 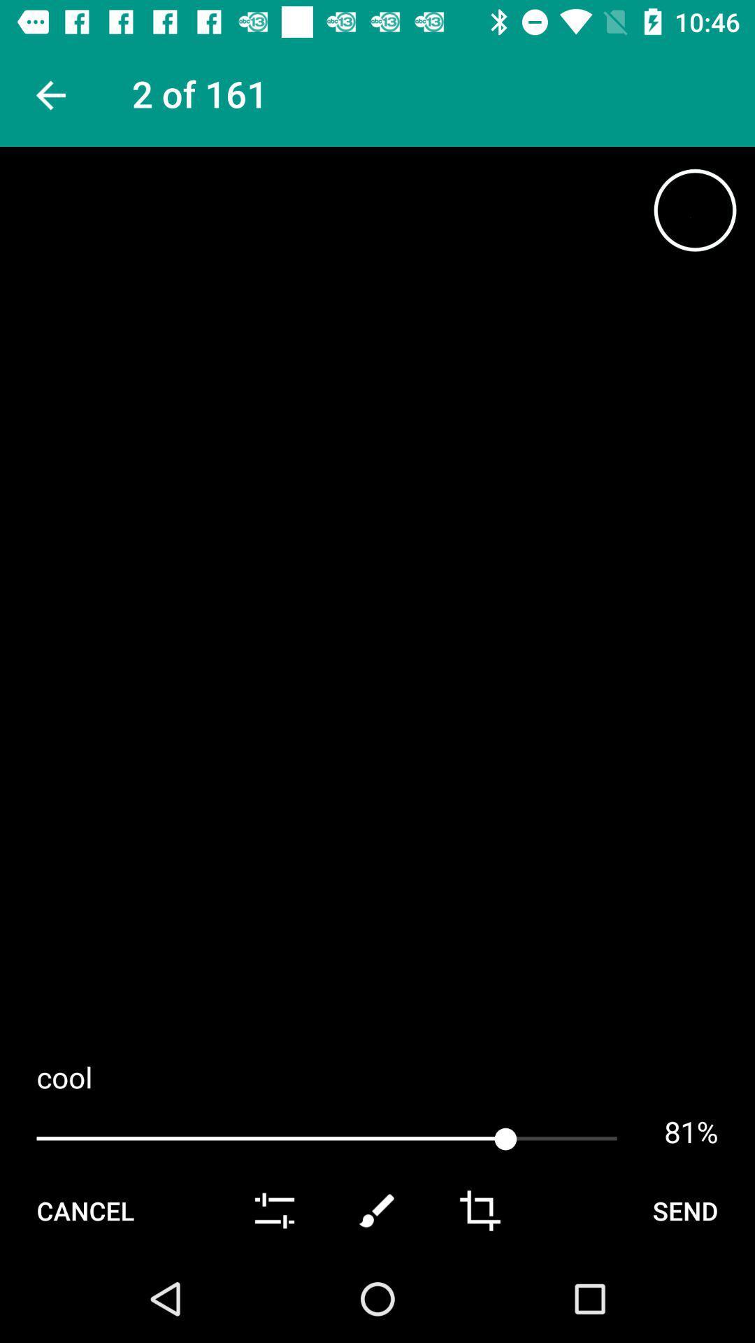 What do you see at coordinates (479, 1210) in the screenshot?
I see `the icon to the left of send app` at bounding box center [479, 1210].